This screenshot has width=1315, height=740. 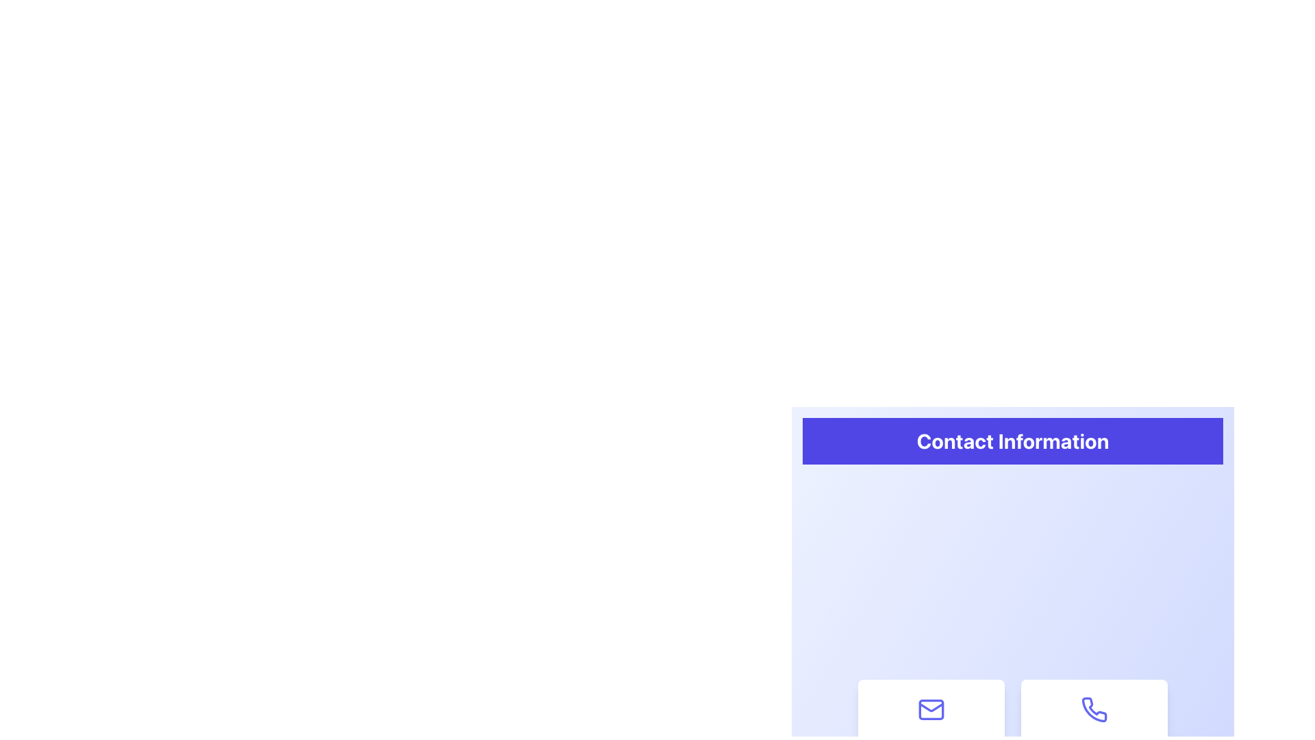 What do you see at coordinates (1012, 441) in the screenshot?
I see `the bold text label 'Contact Information' that is prominently displayed in white on an indigo background, located at the top of the card` at bounding box center [1012, 441].